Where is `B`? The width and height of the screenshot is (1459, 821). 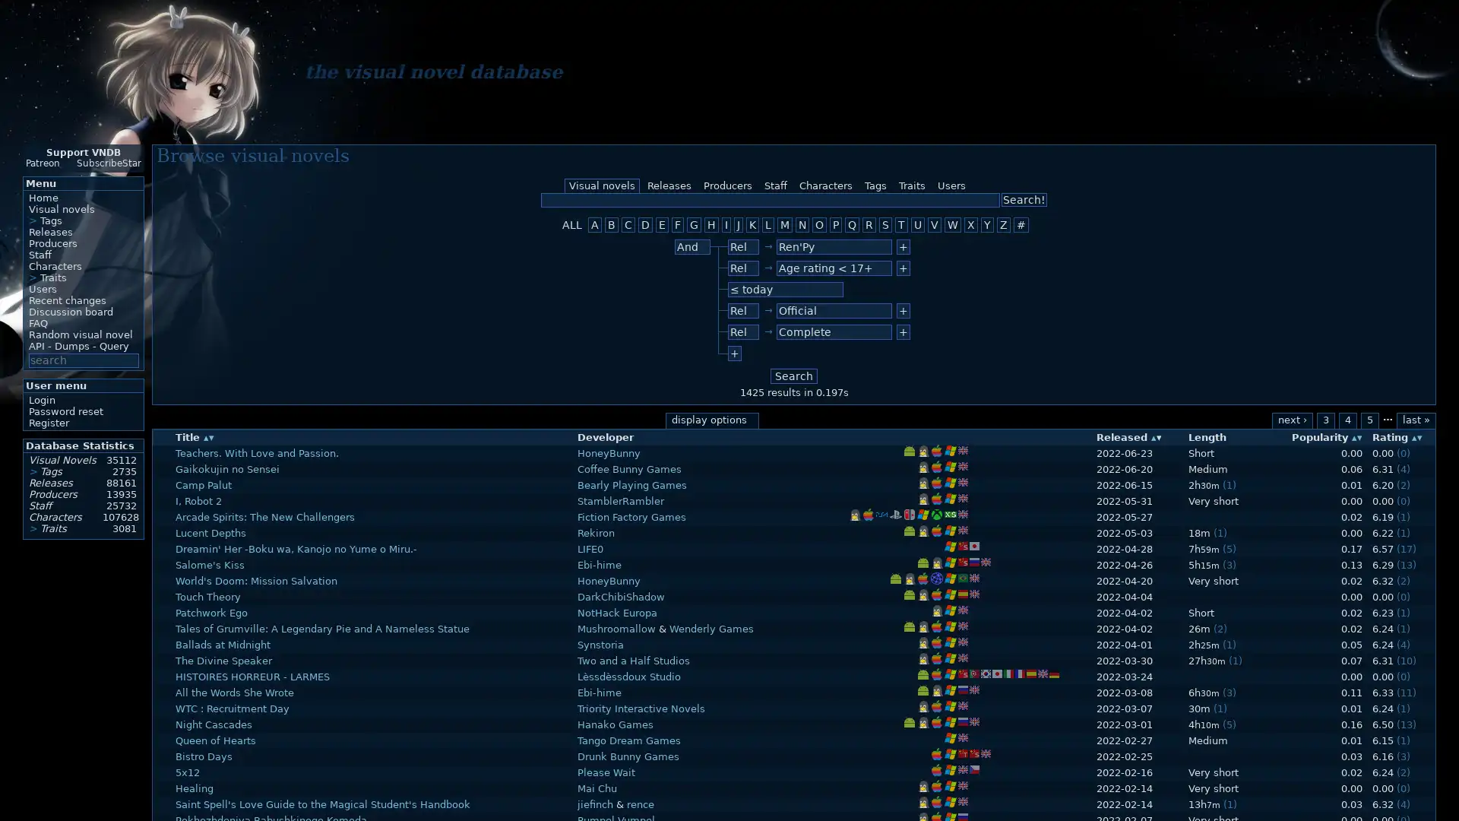
B is located at coordinates (612, 225).